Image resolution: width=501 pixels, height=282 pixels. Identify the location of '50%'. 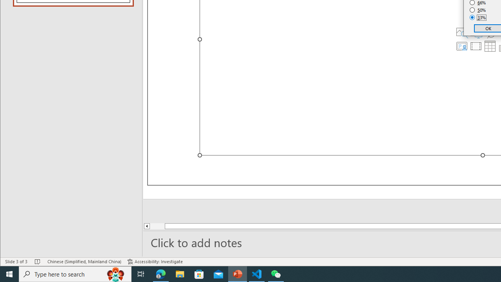
(478, 10).